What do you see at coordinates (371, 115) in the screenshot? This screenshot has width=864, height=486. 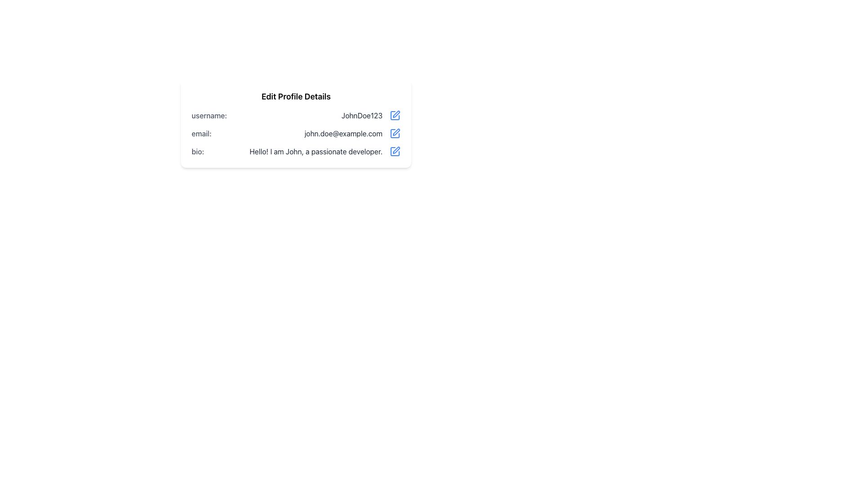 I see `the static text display showing the username, located beside the label 'username:' and to the left of an interactive icon in the profile details card` at bounding box center [371, 115].